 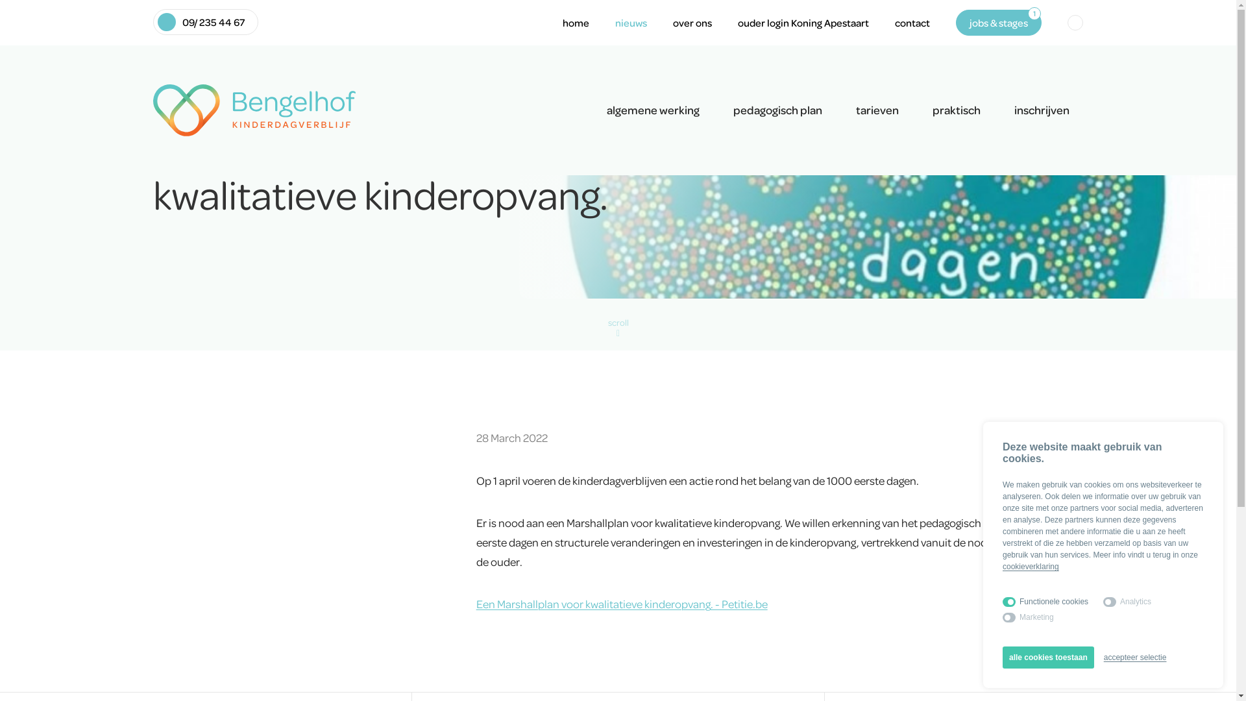 What do you see at coordinates (1042, 109) in the screenshot?
I see `'inschrijven'` at bounding box center [1042, 109].